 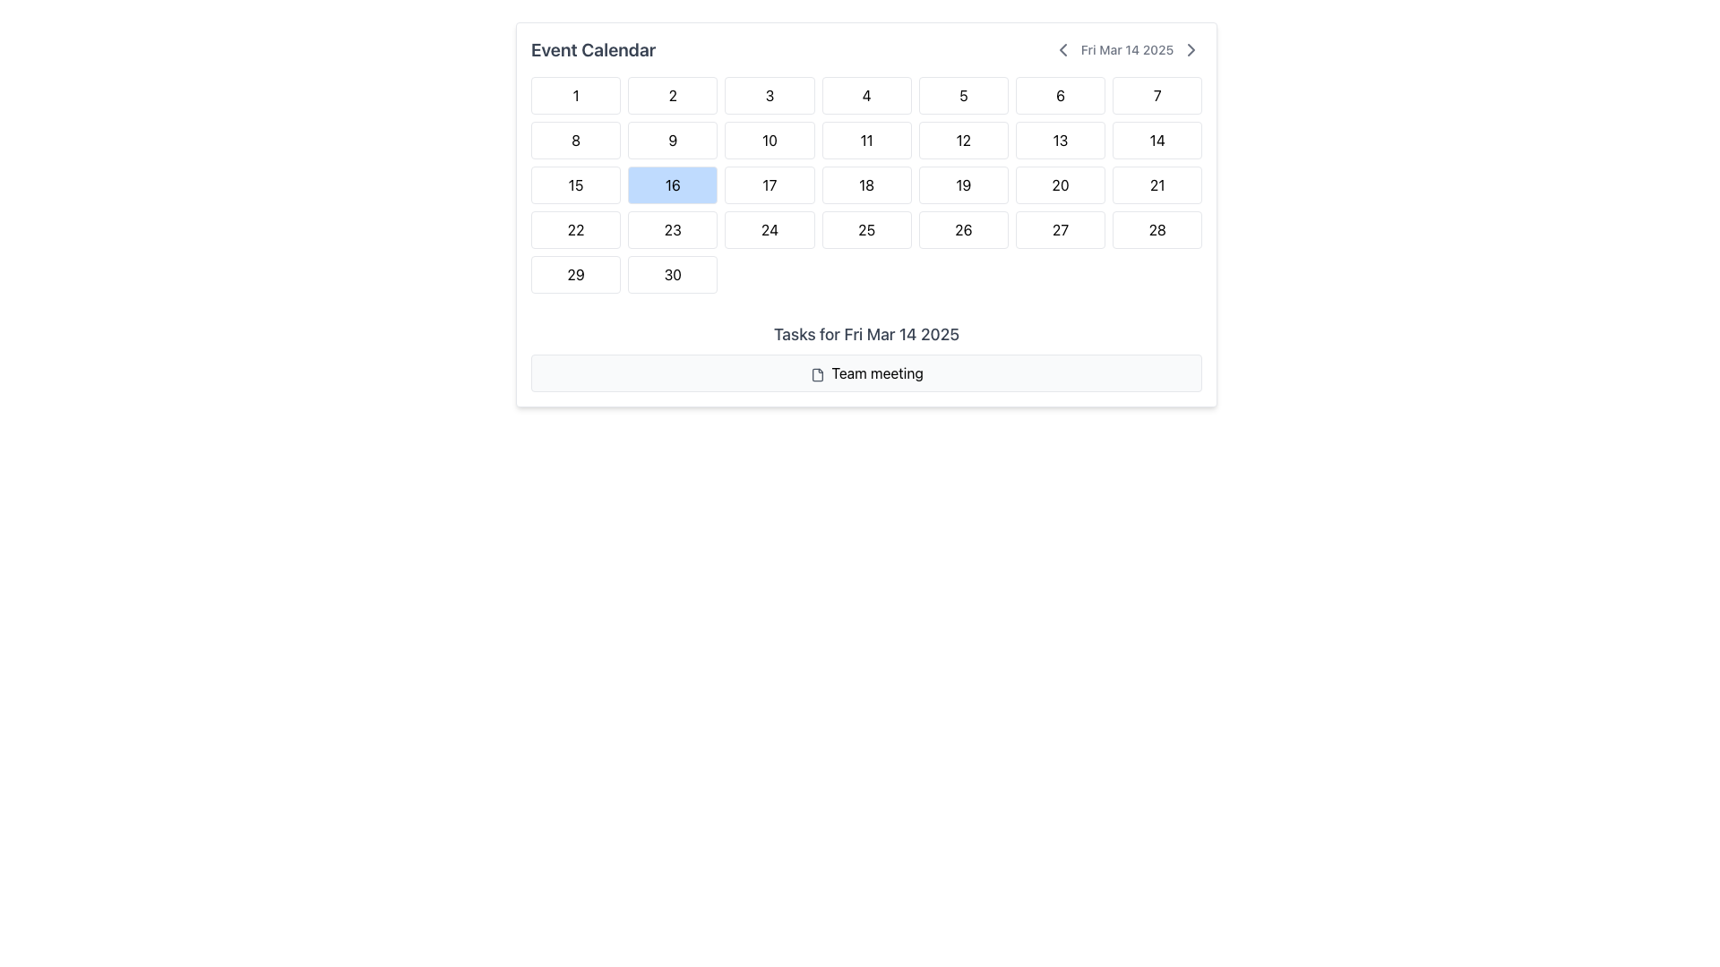 What do you see at coordinates (866, 96) in the screenshot?
I see `the button labeled '4' which is the fourth button in the first row of a grid layout` at bounding box center [866, 96].